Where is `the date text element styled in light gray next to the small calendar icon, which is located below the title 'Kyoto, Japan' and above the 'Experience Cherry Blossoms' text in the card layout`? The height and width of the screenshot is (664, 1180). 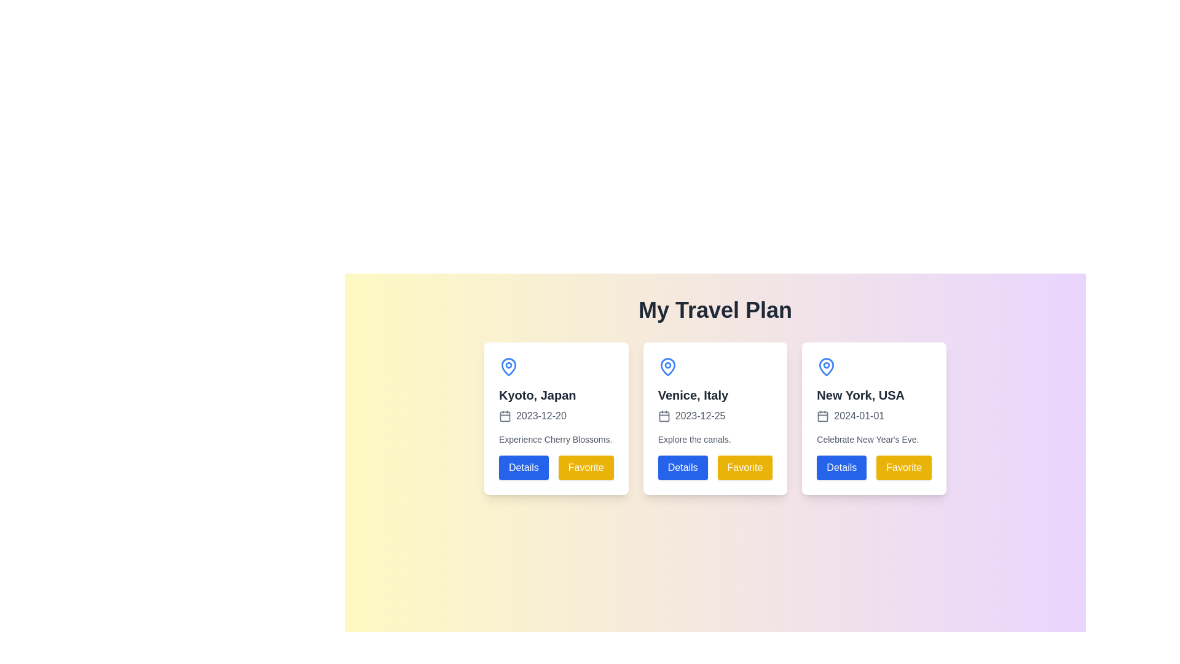
the date text element styled in light gray next to the small calendar icon, which is located below the title 'Kyoto, Japan' and above the 'Experience Cherry Blossoms' text in the card layout is located at coordinates (532, 416).